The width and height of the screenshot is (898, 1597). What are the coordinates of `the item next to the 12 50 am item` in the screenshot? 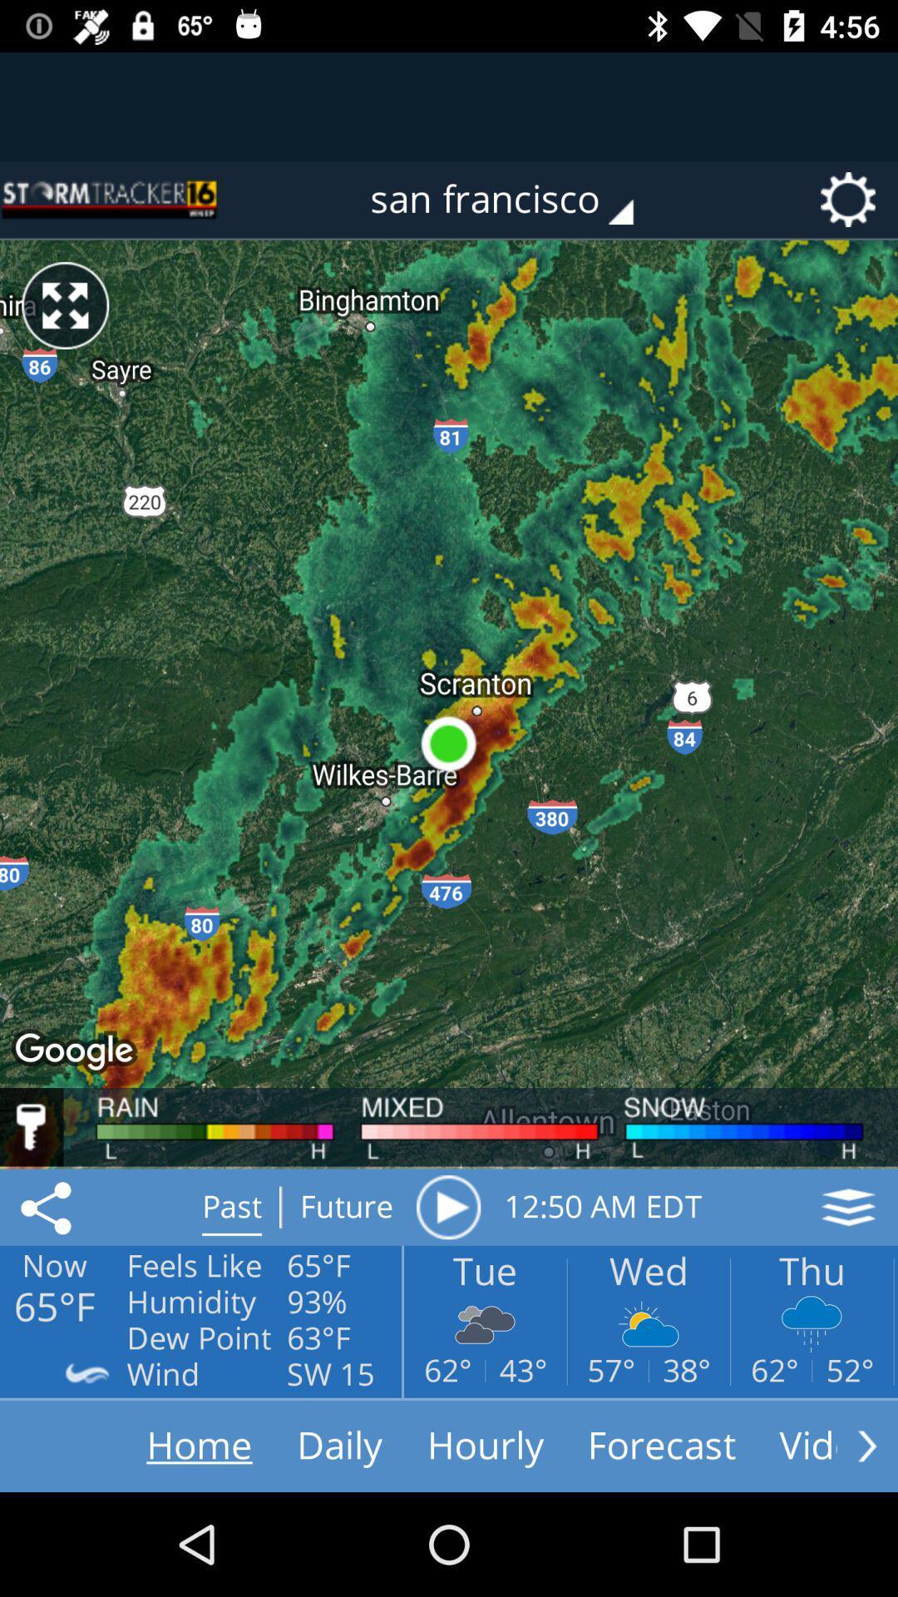 It's located at (447, 1207).